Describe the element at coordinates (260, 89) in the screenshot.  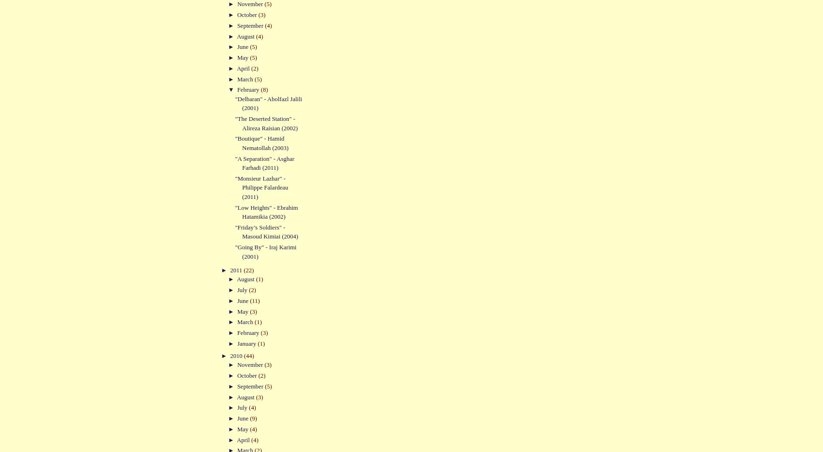
I see `'(8)'` at that location.